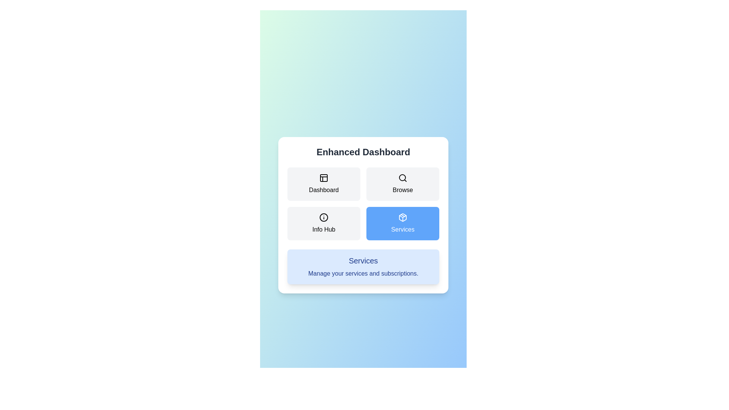 This screenshot has height=410, width=729. What do you see at coordinates (324, 184) in the screenshot?
I see `the Dashboard tab by clicking on its button` at bounding box center [324, 184].